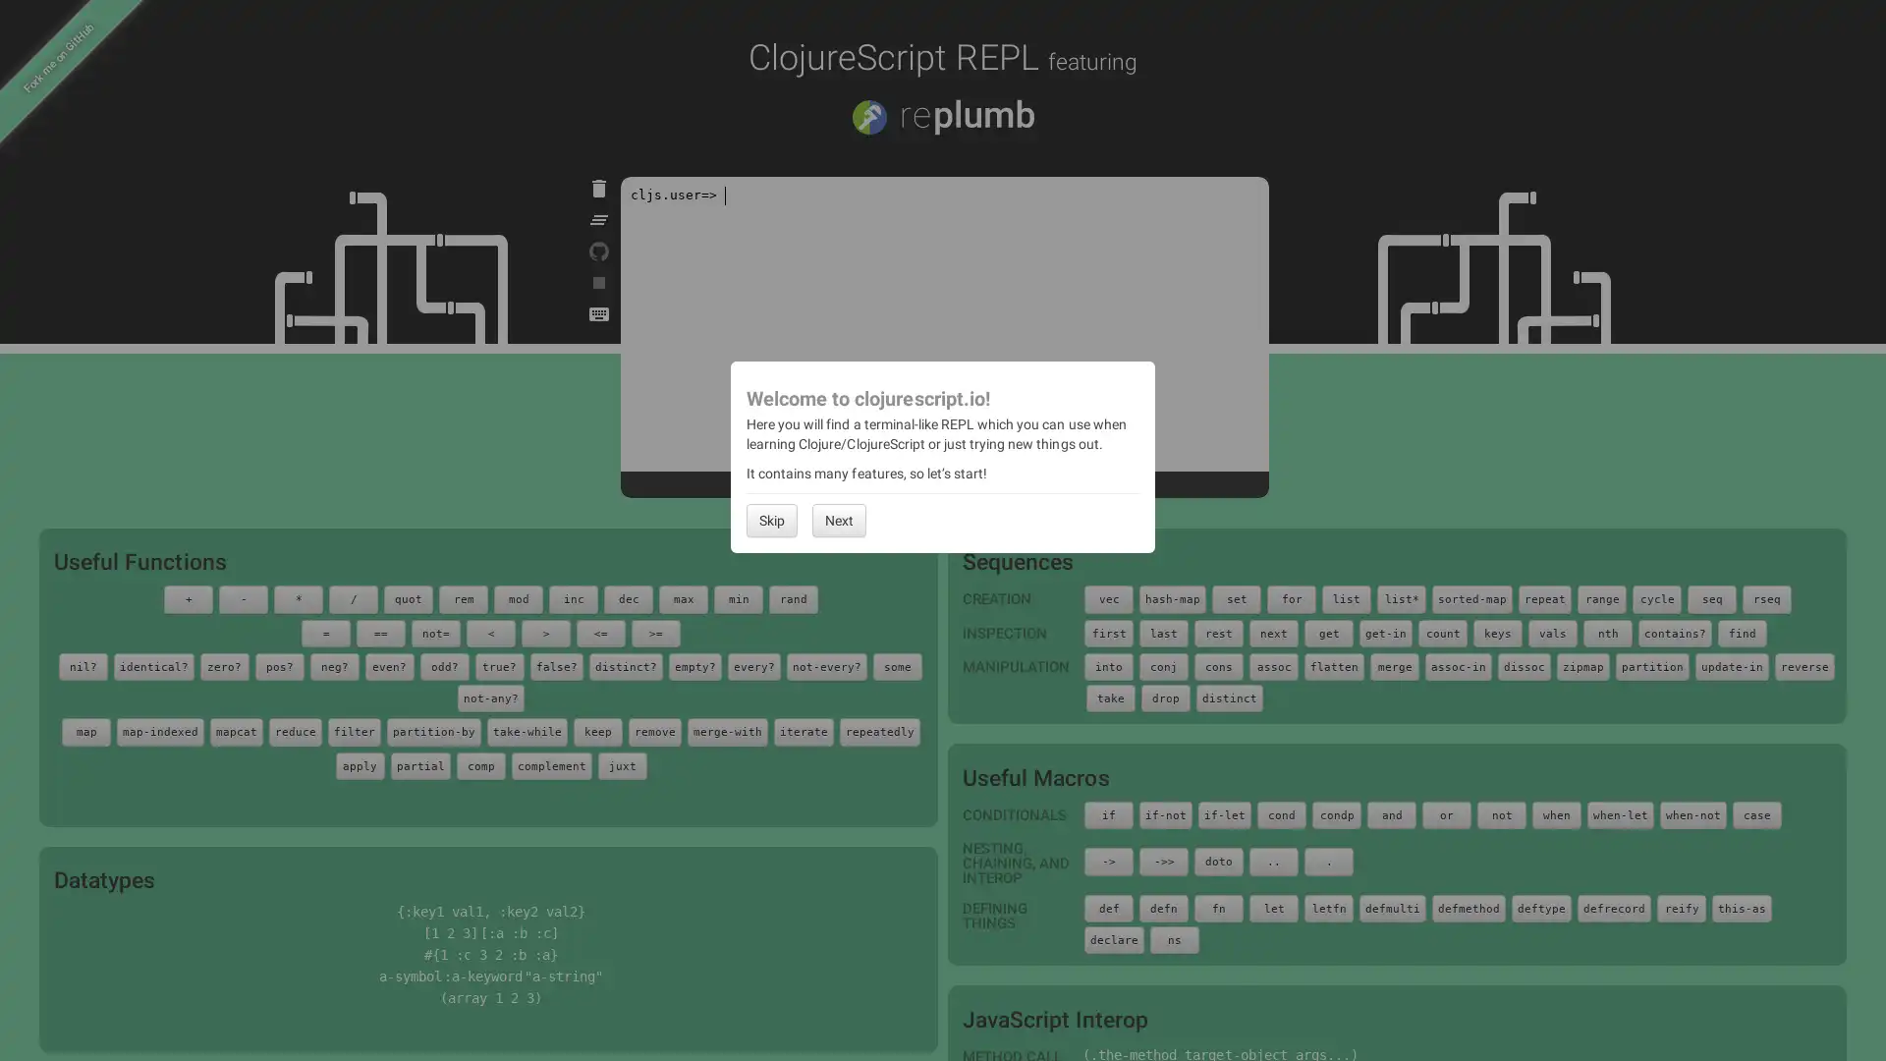 The image size is (1886, 1061). What do you see at coordinates (771, 518) in the screenshot?
I see `Skip` at bounding box center [771, 518].